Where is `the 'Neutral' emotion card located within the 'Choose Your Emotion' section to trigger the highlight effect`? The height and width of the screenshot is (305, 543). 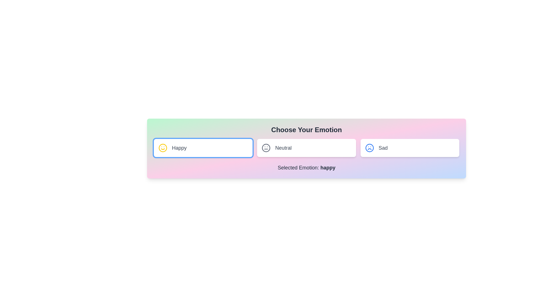
the 'Neutral' emotion card located within the 'Choose Your Emotion' section to trigger the highlight effect is located at coordinates (306, 148).